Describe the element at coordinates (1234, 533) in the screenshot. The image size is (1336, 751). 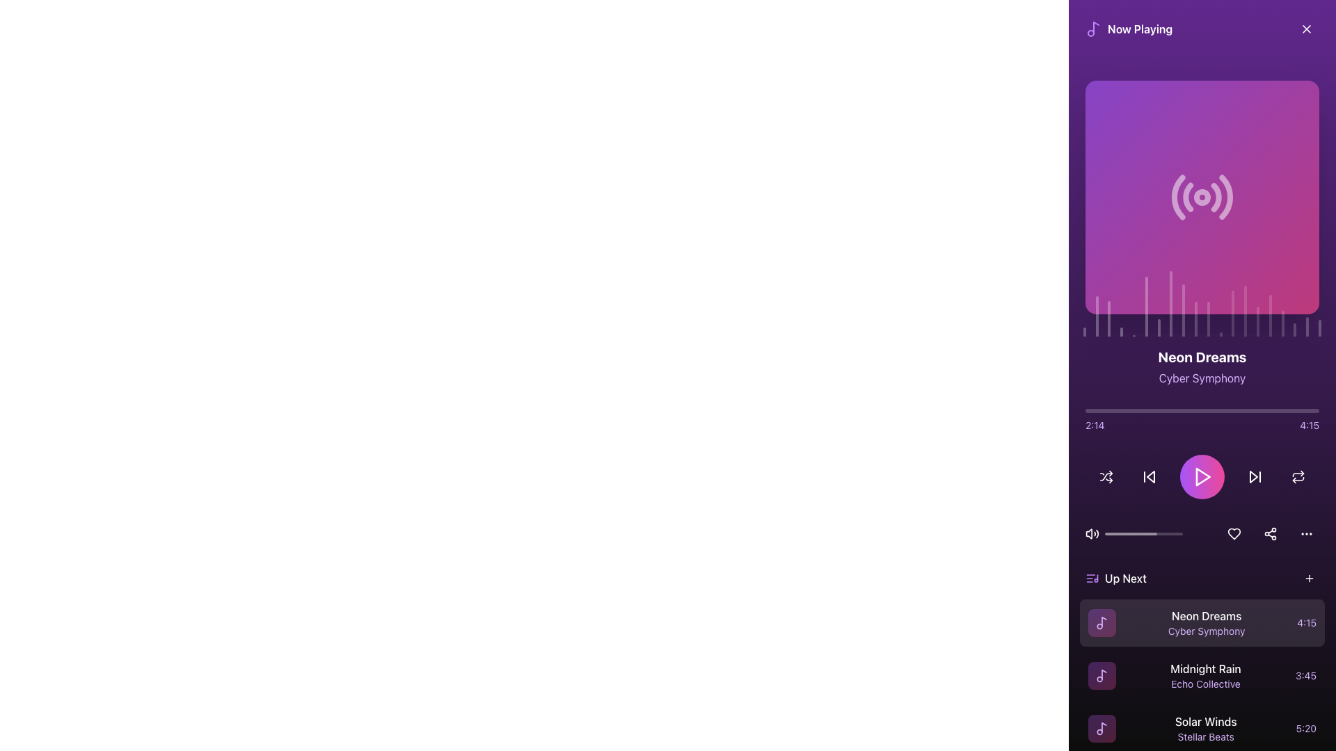
I see `the heart-shaped icon button, which is styled with a modern, minimalistic line design in white against a dark purple background, to like or unlike the current track` at that location.